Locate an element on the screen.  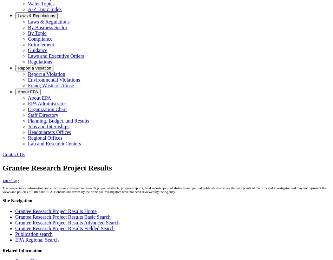
'By Business Sector' is located at coordinates (48, 27).